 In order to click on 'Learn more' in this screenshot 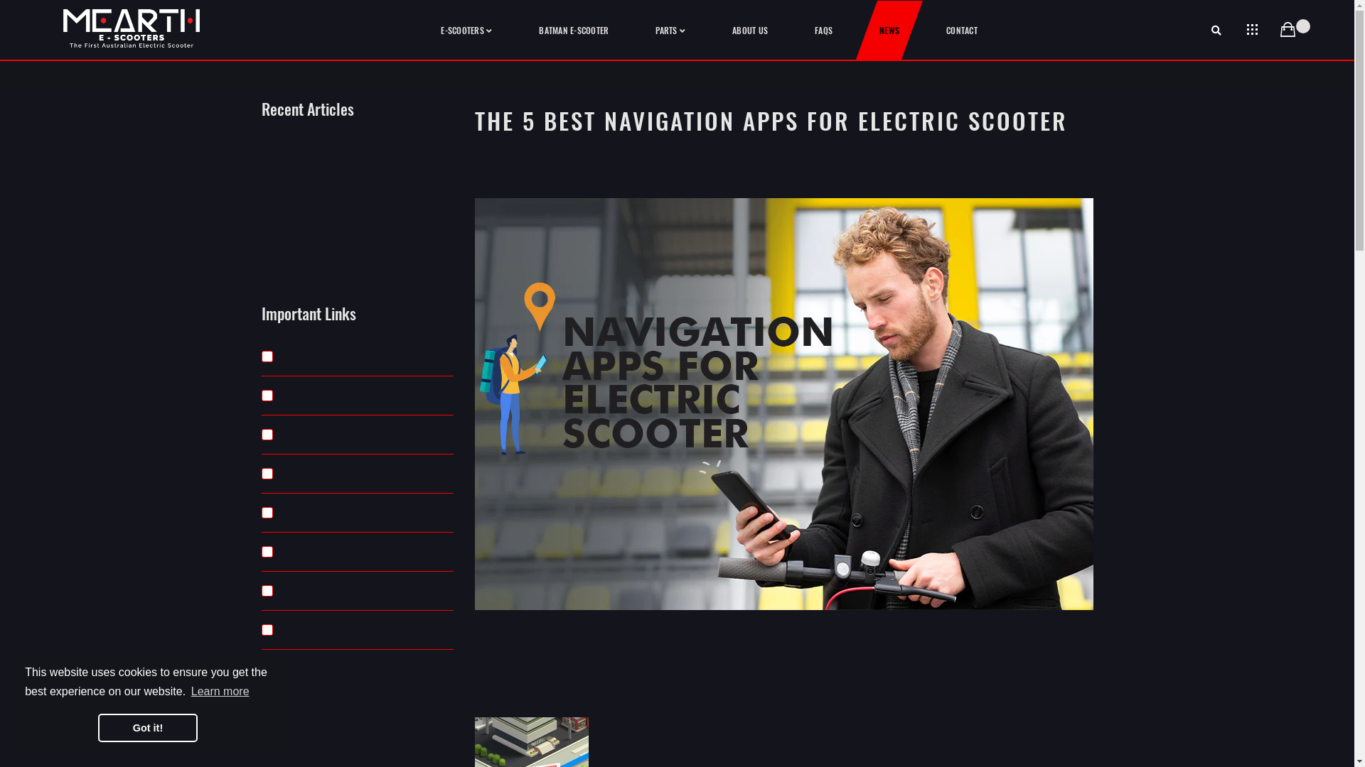, I will do `click(220, 691)`.